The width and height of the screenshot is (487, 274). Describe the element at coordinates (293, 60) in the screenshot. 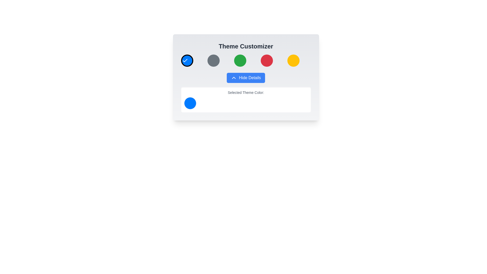

I see `the fifth circular button in the 'Theme Customizer' section to change the theme color to orange` at that location.